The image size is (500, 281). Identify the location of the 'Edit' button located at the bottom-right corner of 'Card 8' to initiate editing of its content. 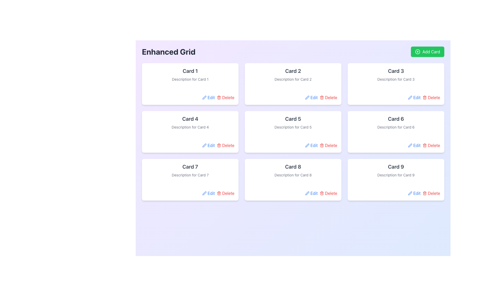
(311, 193).